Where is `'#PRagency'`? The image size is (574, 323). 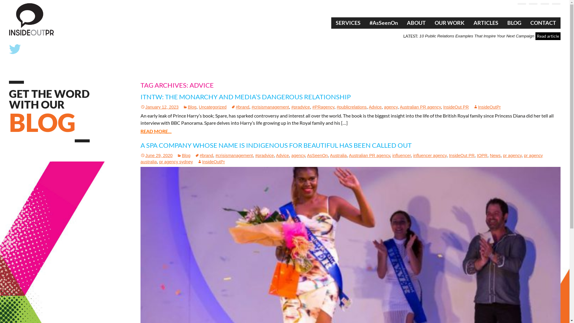
'#PRagency' is located at coordinates (323, 107).